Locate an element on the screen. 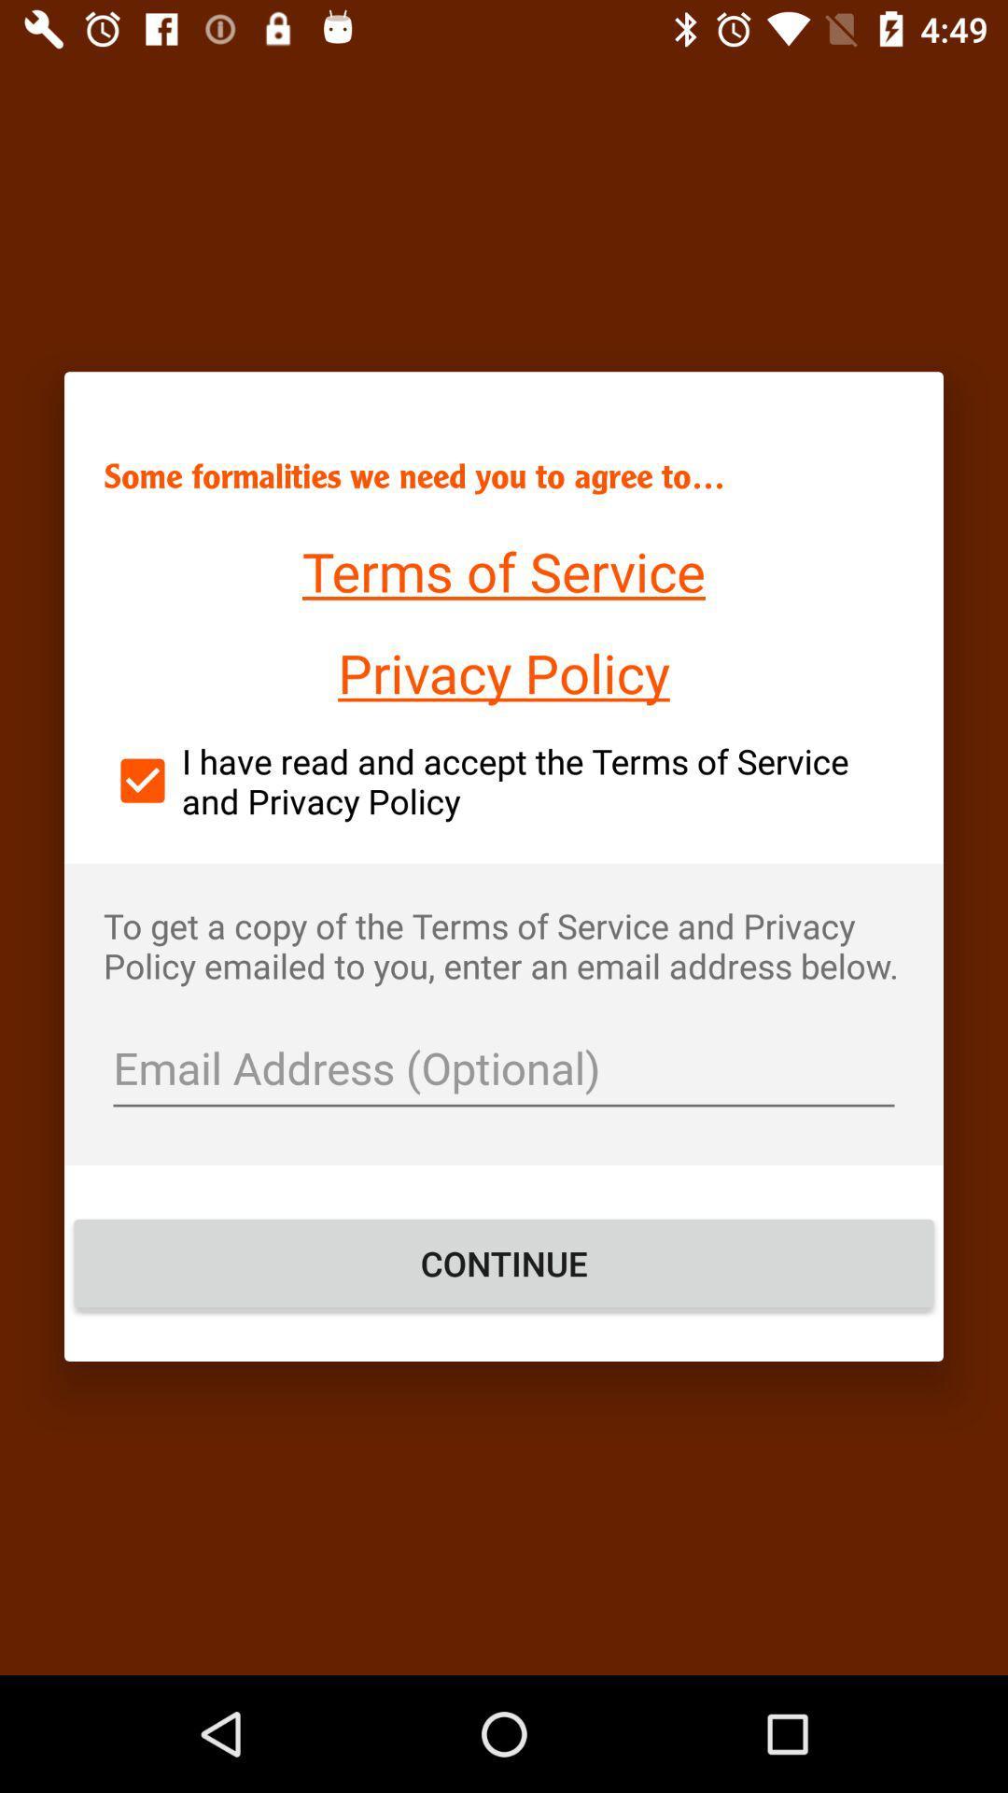 The height and width of the screenshot is (1793, 1008). the item at the bottom is located at coordinates (504, 1264).